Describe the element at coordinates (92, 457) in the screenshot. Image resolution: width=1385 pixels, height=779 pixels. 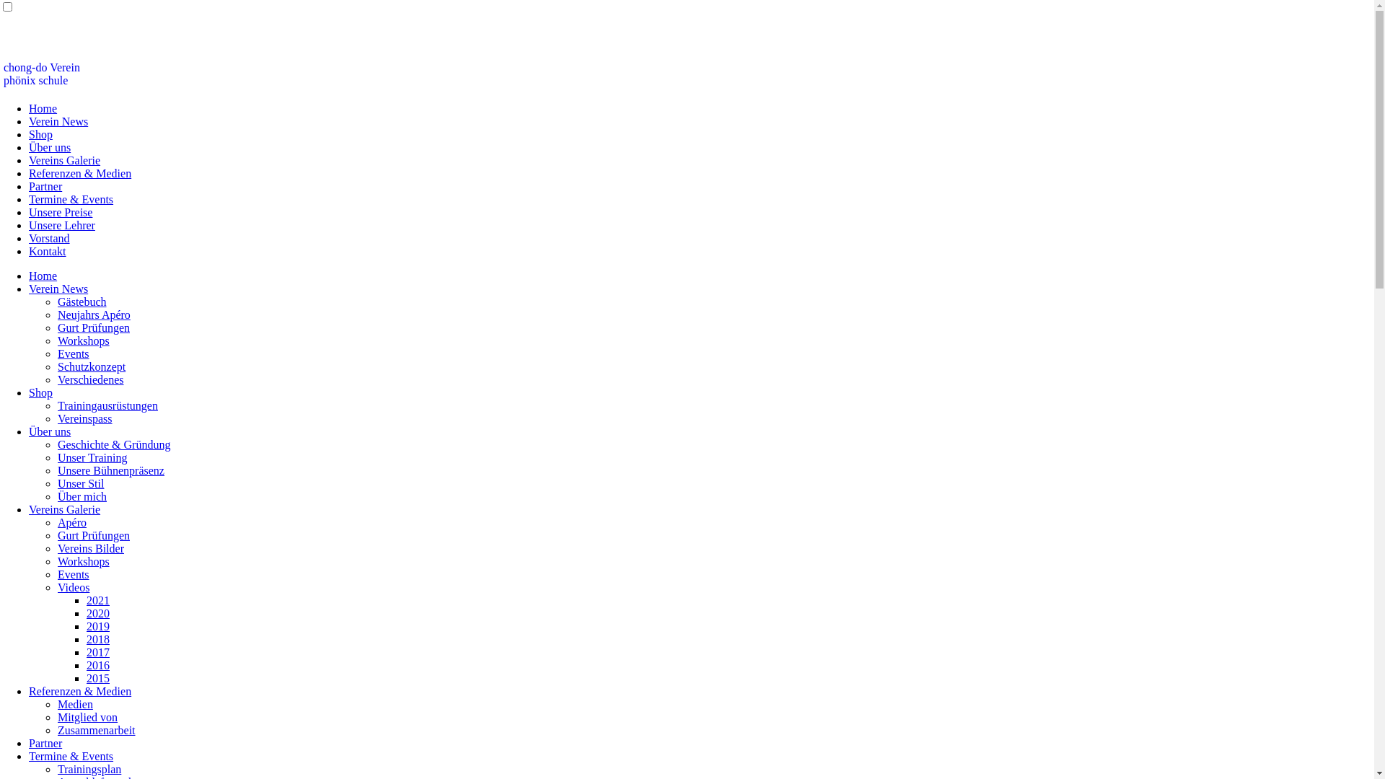
I see `'Unser Training'` at that location.